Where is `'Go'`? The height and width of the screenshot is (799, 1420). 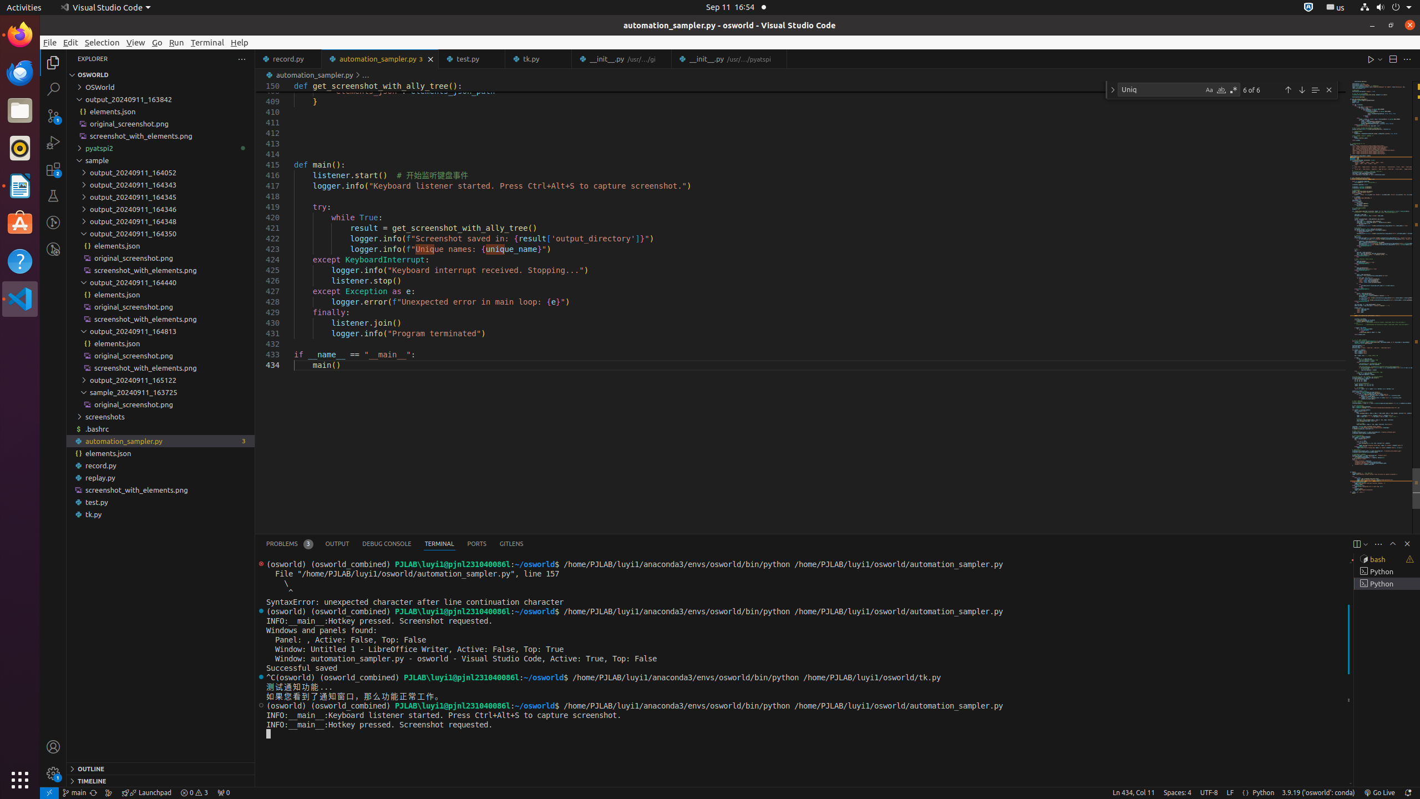 'Go' is located at coordinates (156, 42).